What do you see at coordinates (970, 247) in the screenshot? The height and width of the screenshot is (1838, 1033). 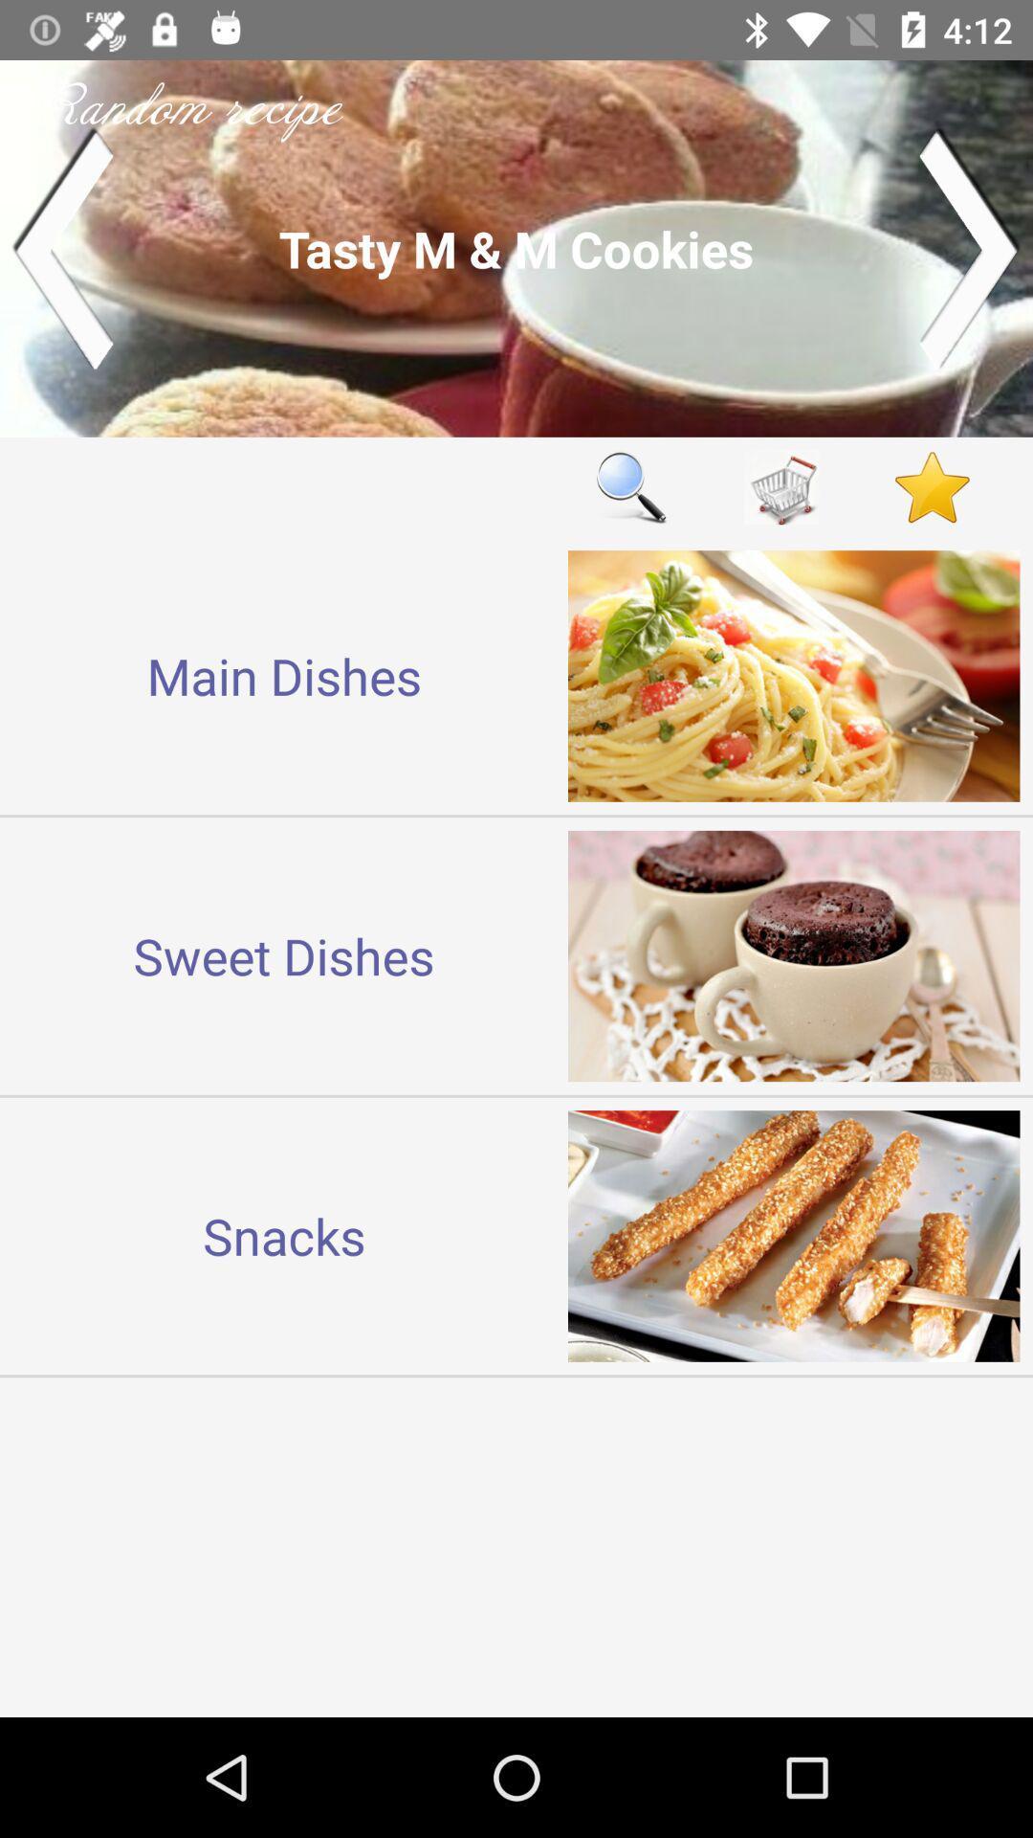 I see `the send icon` at bounding box center [970, 247].